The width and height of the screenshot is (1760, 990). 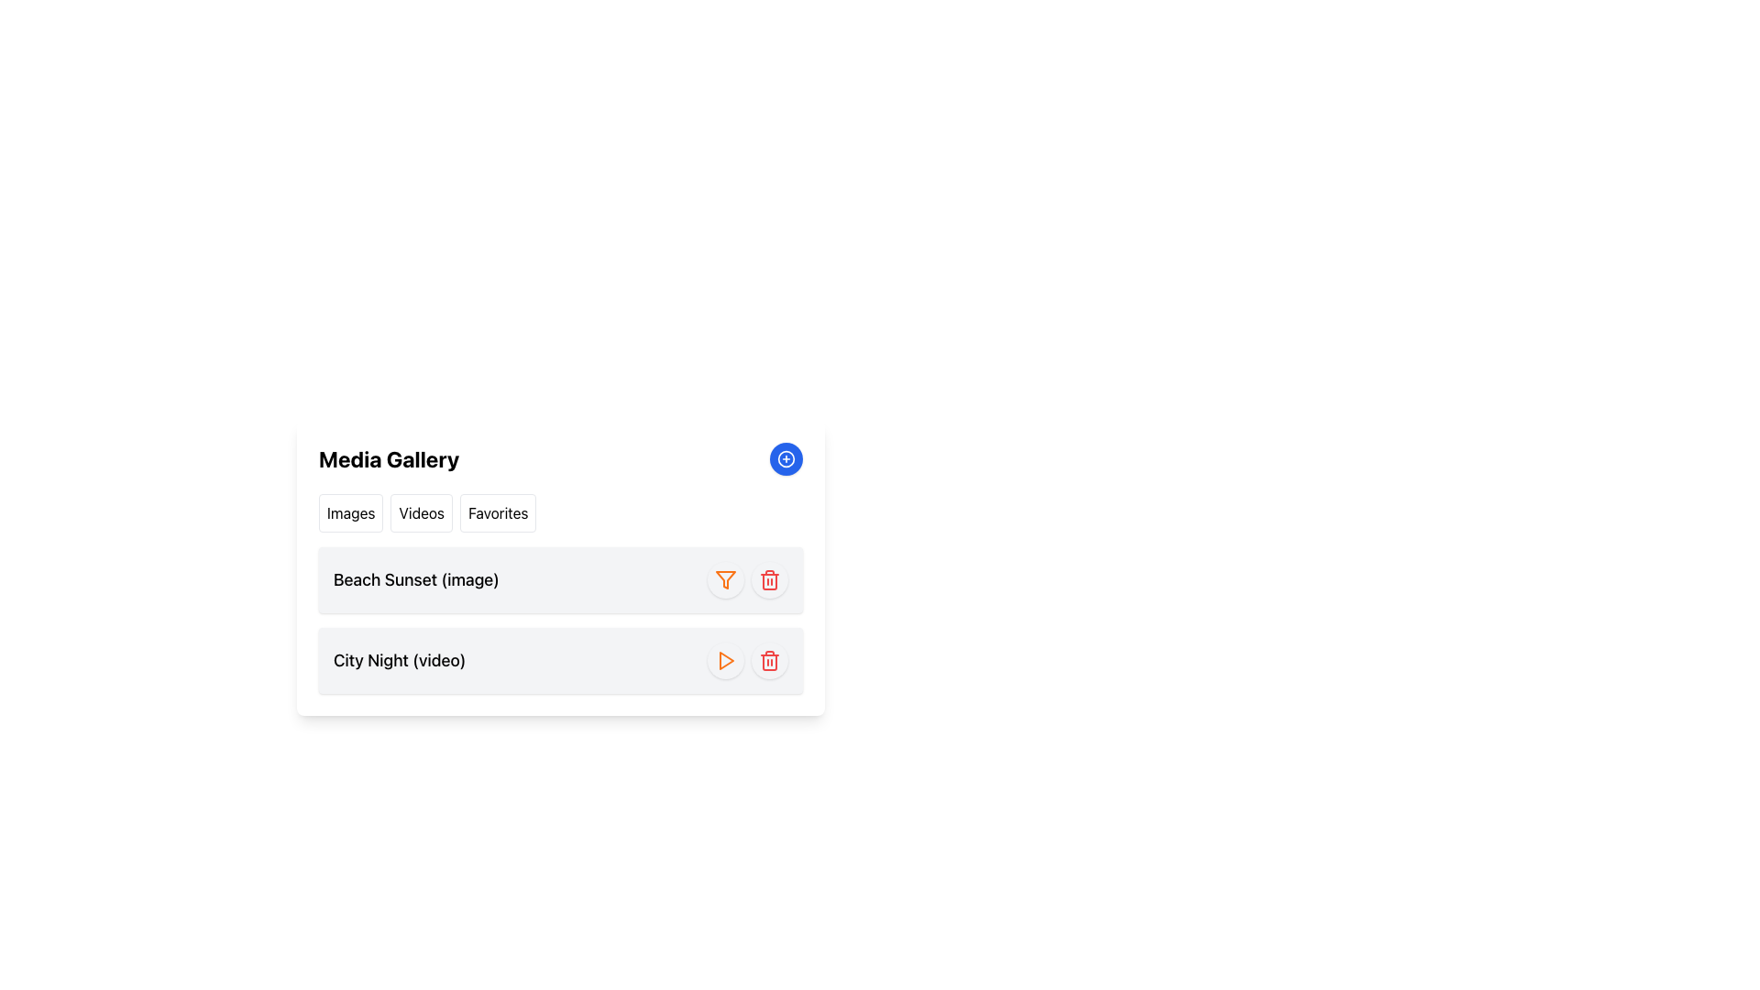 I want to click on the text label reading 'Beach Sunset (image)' for copying or highlighting, located in the first media item under the 'Media Gallery', so click(x=415, y=579).